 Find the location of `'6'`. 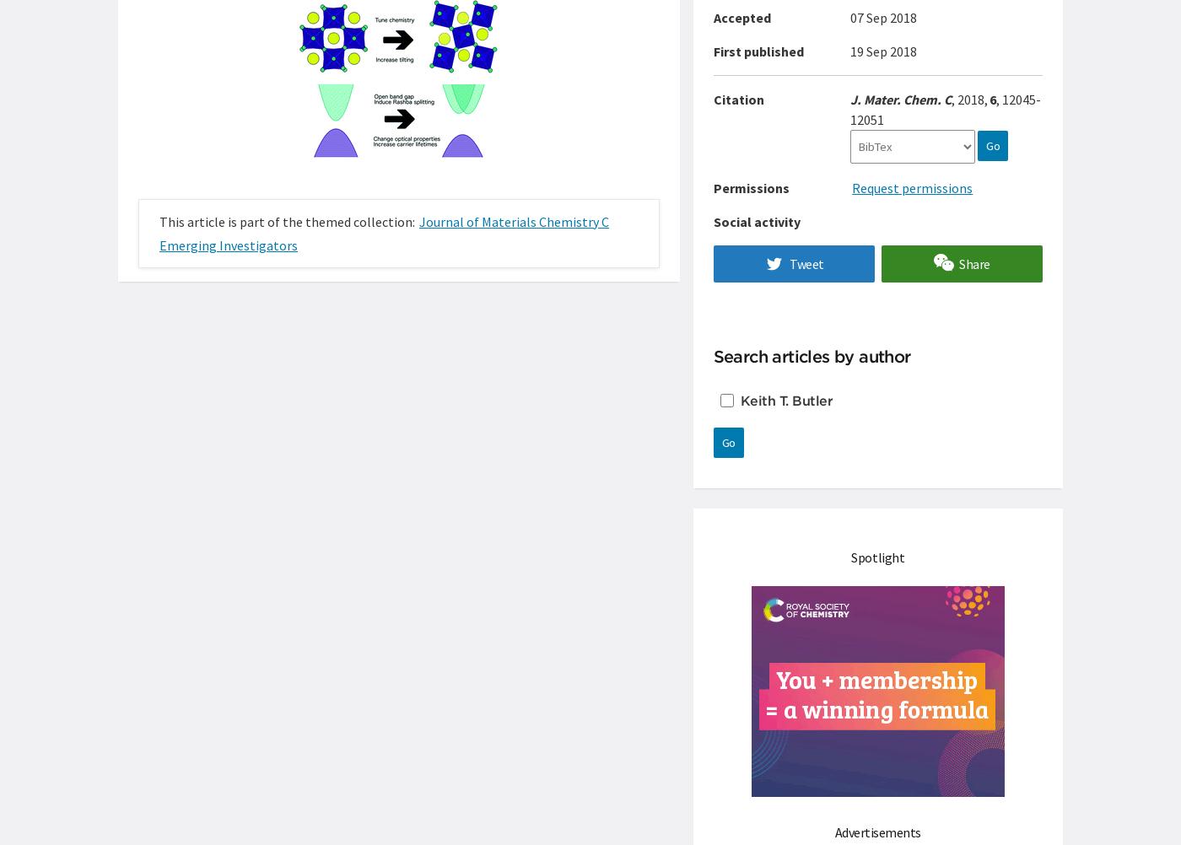

'6' is located at coordinates (992, 99).